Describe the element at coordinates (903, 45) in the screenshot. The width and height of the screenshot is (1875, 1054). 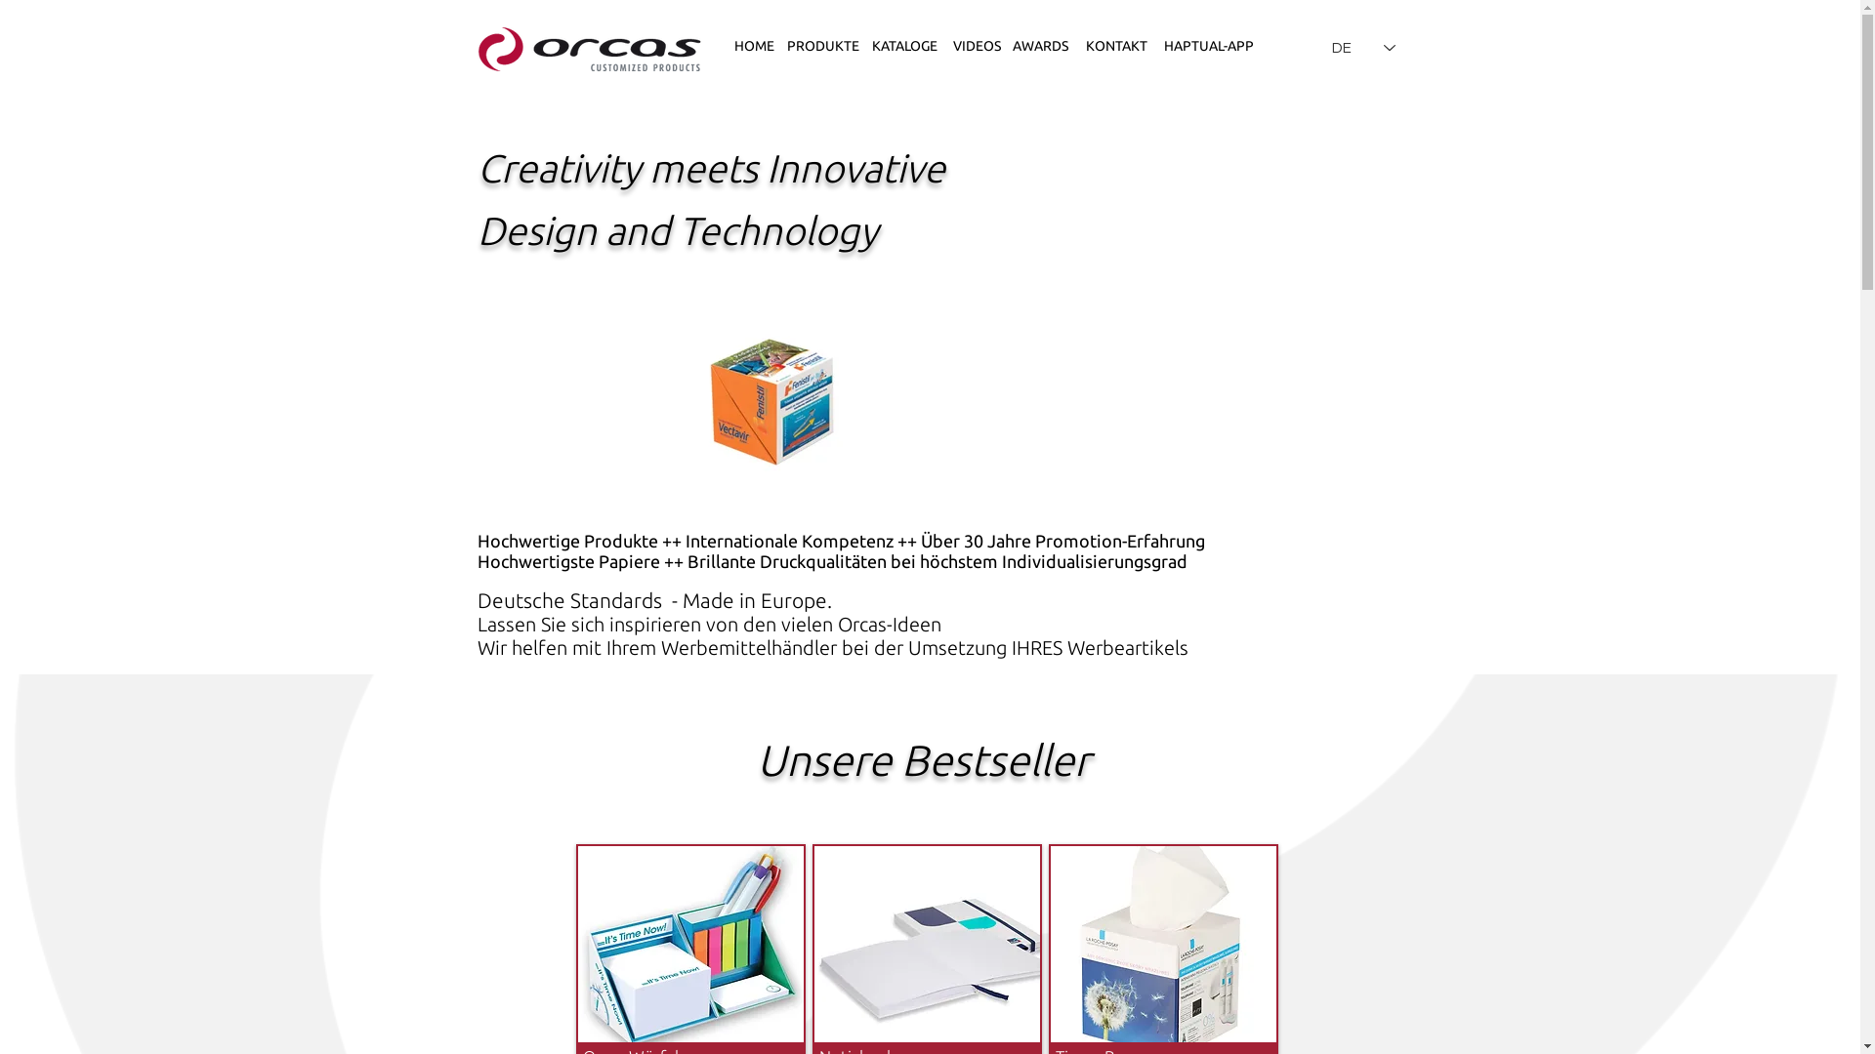
I see `'KATALOGE'` at that location.